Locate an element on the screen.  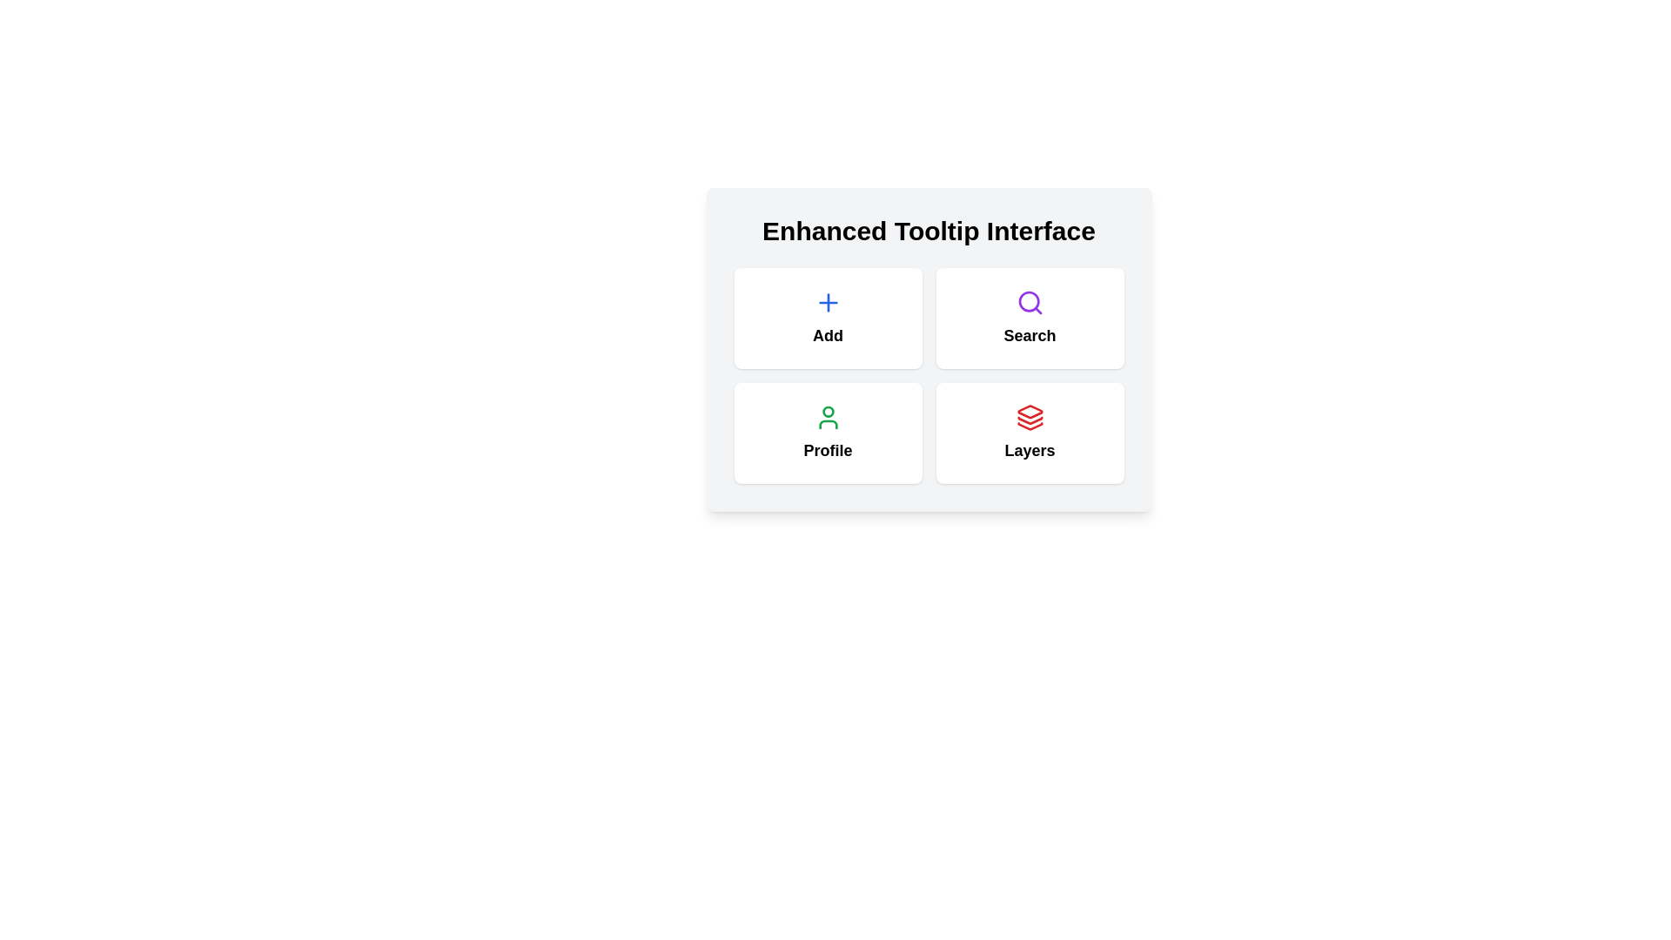
the Decorative icon, which is a red triangular shape located in the Layers section of the grid at the bottom-right corner is located at coordinates (1030, 412).